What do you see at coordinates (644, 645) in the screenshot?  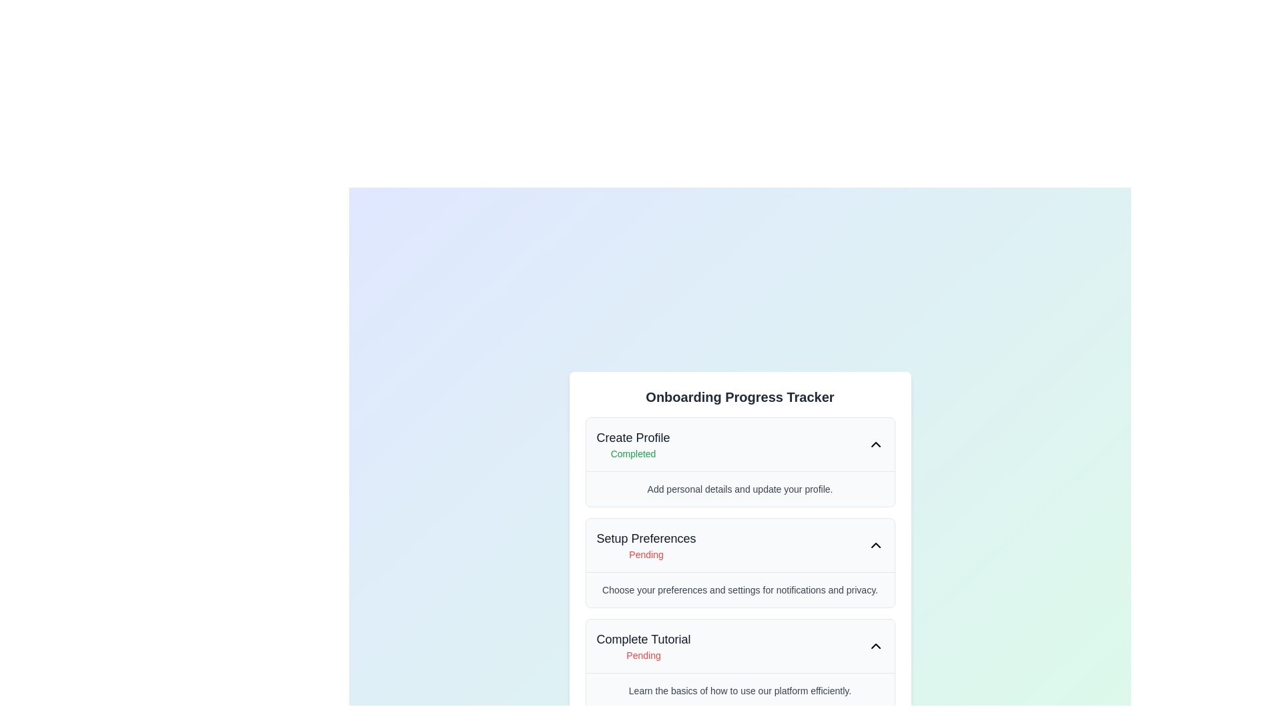 I see `the Informational indicator displaying the title 'Complete Tutorial' and status 'Pending' located at the bottom section of the 'Onboarding Progress Tracker' interface` at bounding box center [644, 645].